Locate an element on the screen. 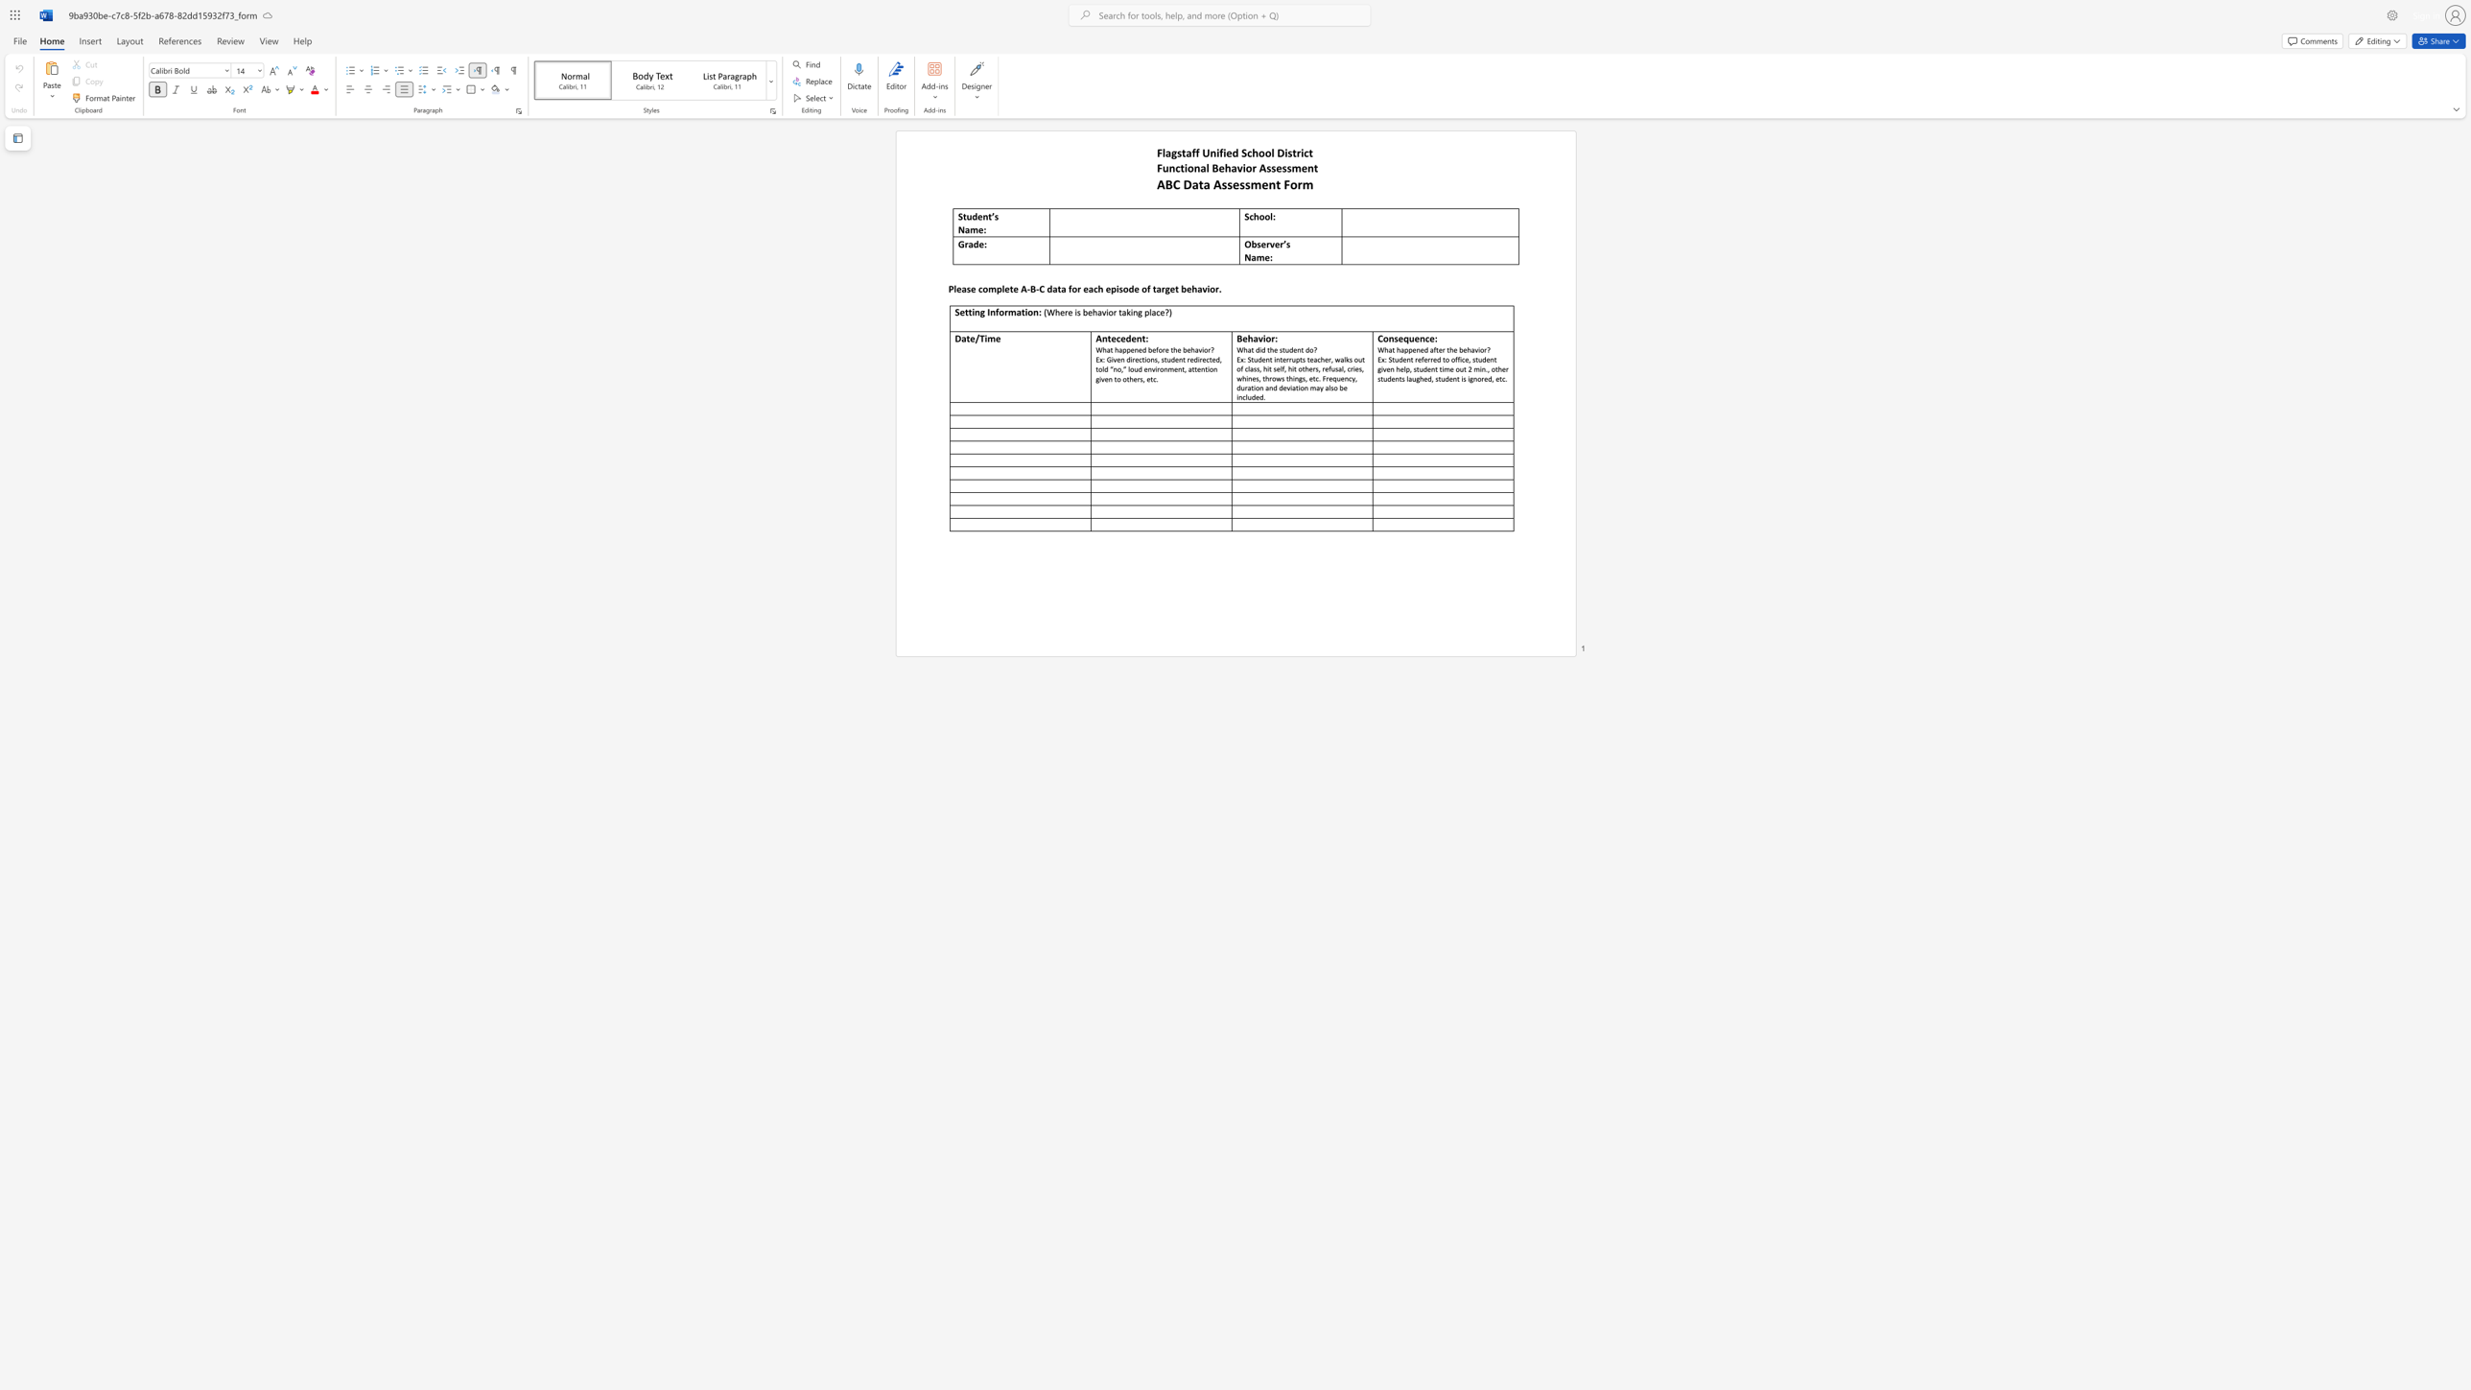  the subset text "ation" within the text "Setting Information:" is located at coordinates (1016, 311).